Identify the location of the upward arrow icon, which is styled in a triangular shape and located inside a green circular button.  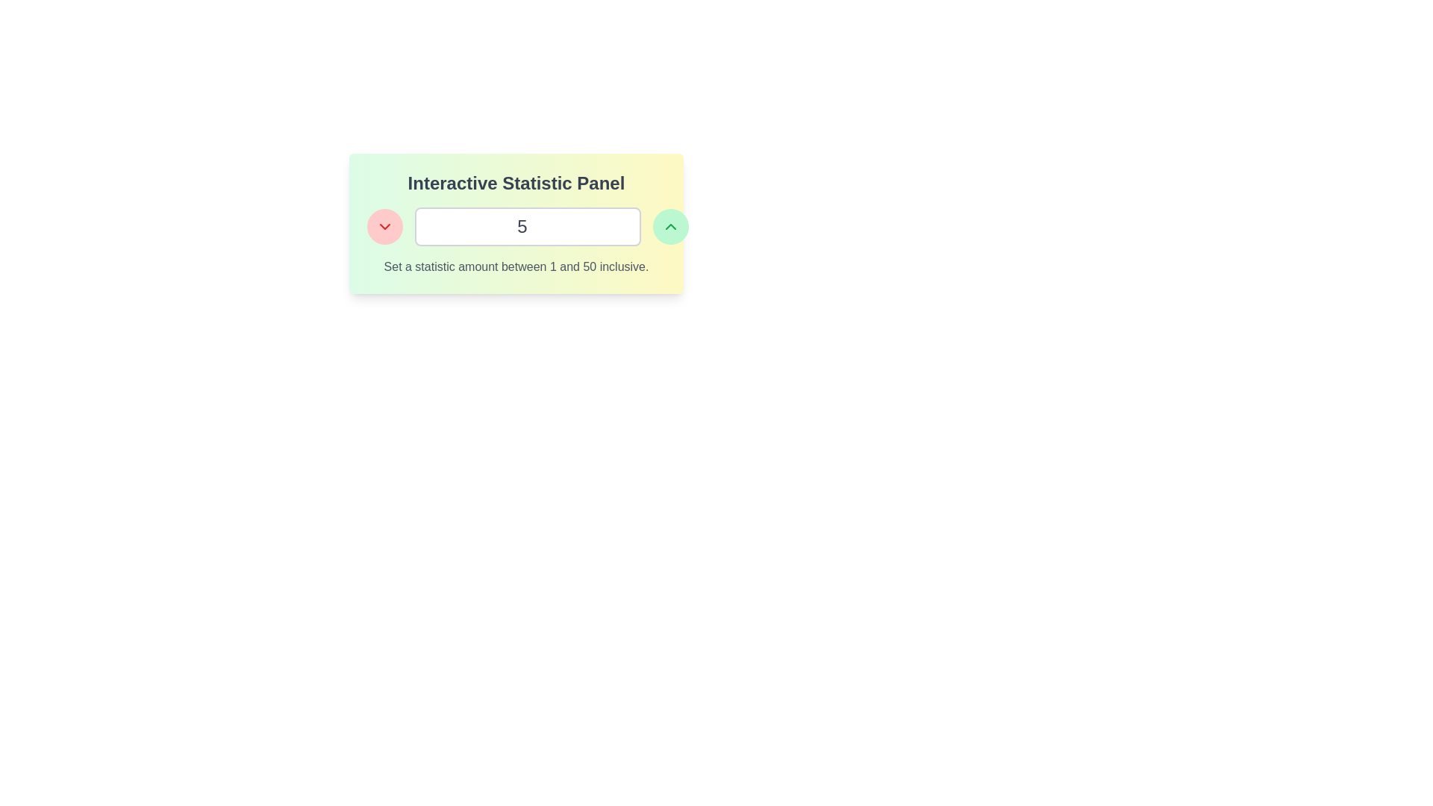
(669, 227).